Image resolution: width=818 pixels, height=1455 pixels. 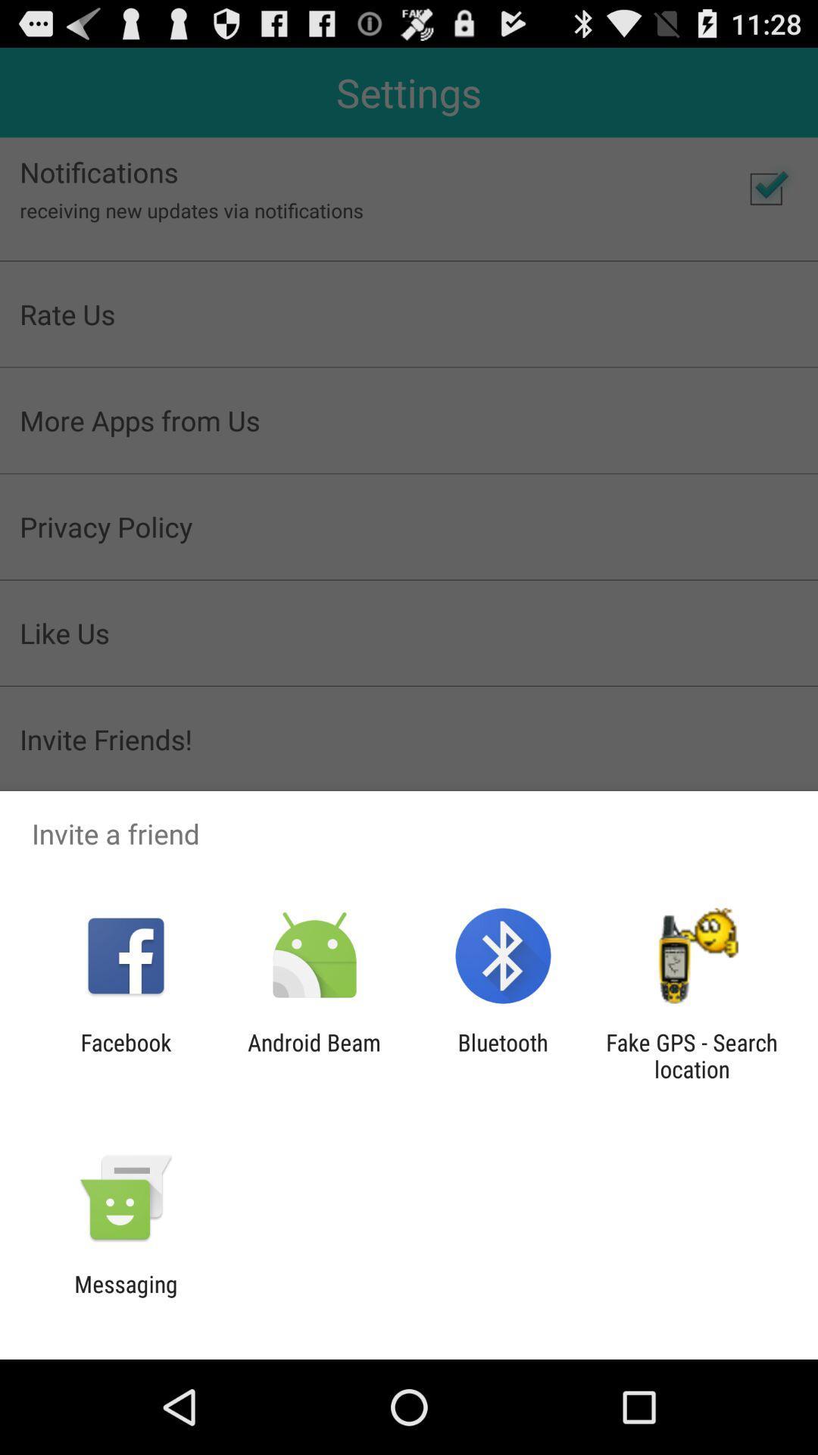 What do you see at coordinates (125, 1297) in the screenshot?
I see `messaging item` at bounding box center [125, 1297].